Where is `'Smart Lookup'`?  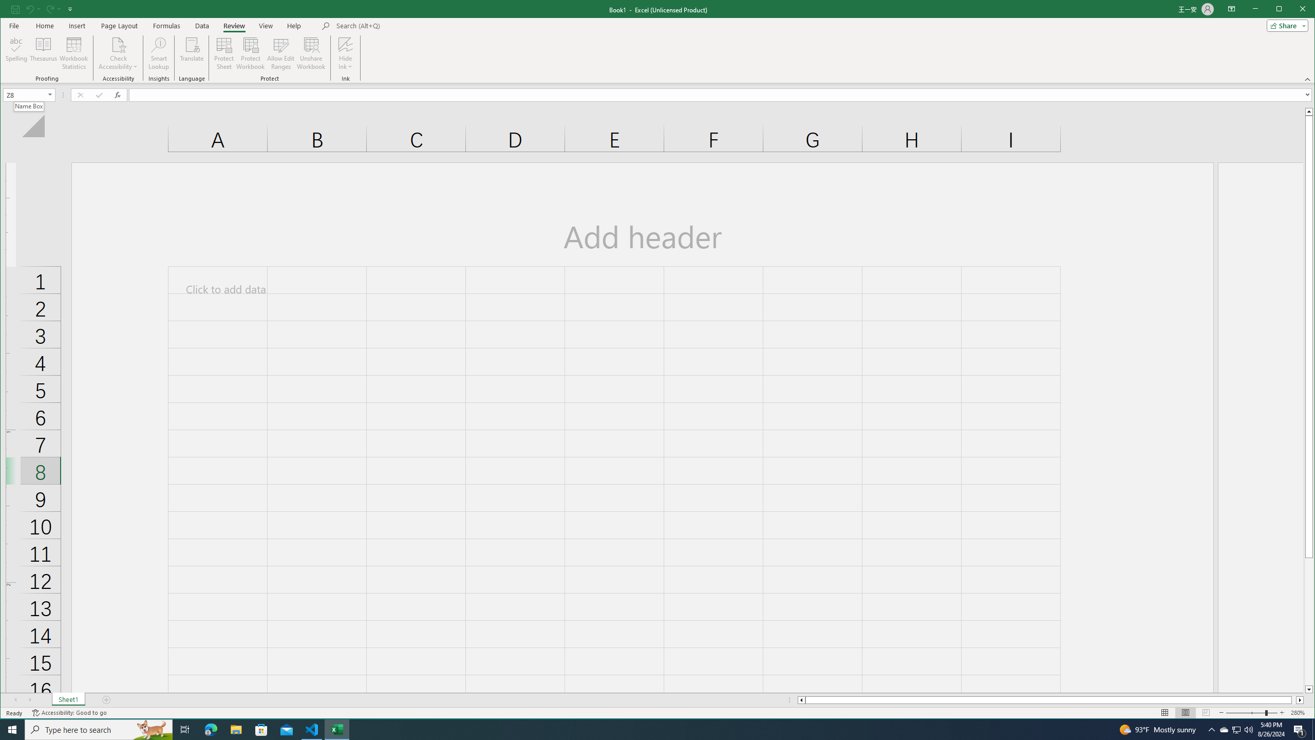 'Smart Lookup' is located at coordinates (159, 53).